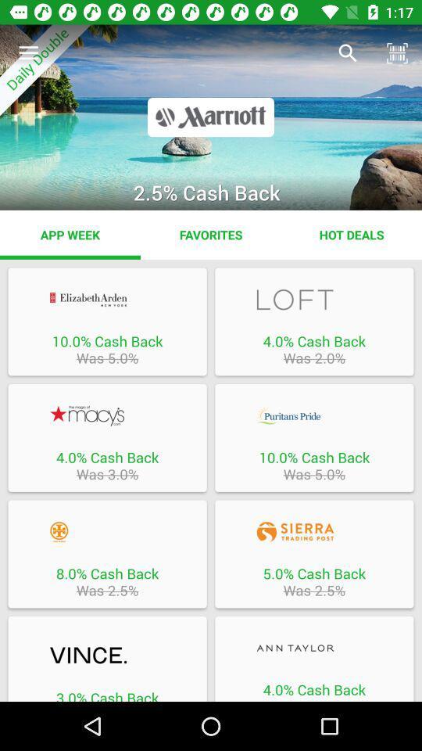  What do you see at coordinates (351, 234) in the screenshot?
I see `app to the right of favorites icon` at bounding box center [351, 234].